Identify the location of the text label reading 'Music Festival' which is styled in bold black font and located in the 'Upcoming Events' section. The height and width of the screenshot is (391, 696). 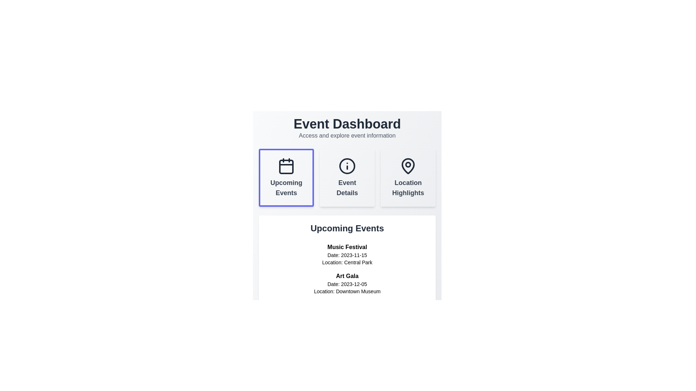
(347, 247).